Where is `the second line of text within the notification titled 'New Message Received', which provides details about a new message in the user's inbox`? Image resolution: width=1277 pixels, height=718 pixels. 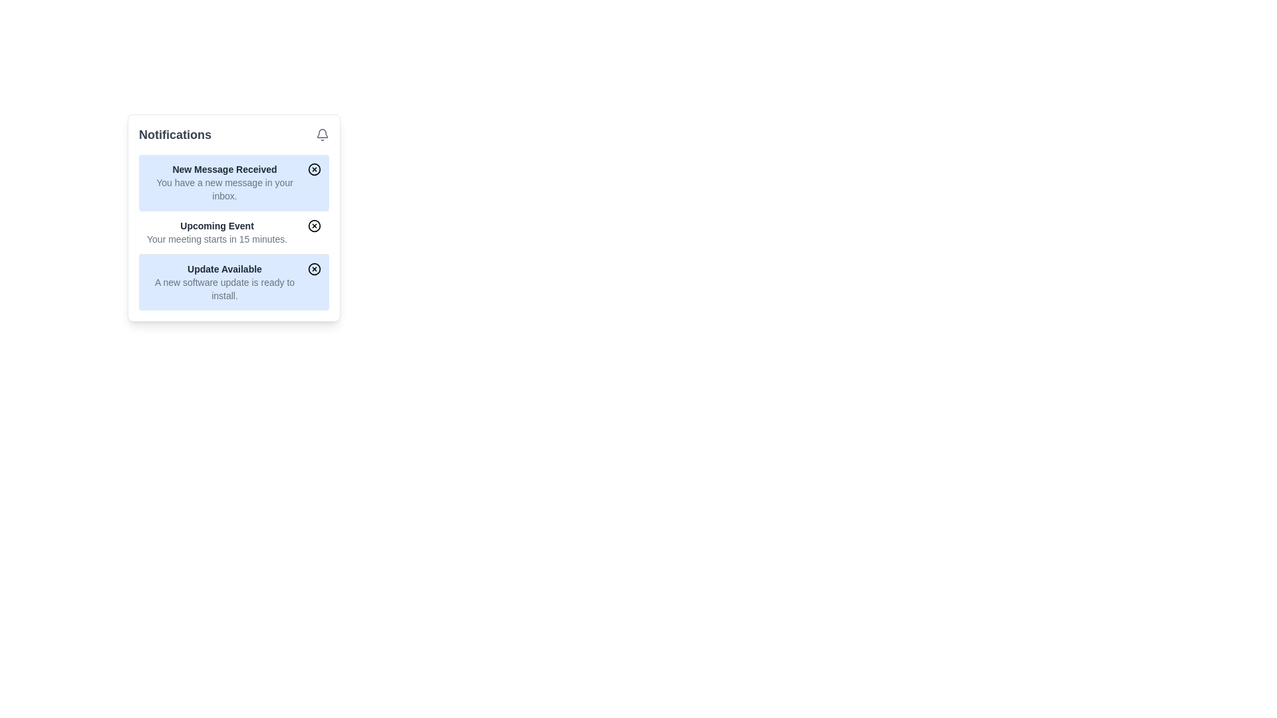
the second line of text within the notification titled 'New Message Received', which provides details about a new message in the user's inbox is located at coordinates (224, 189).